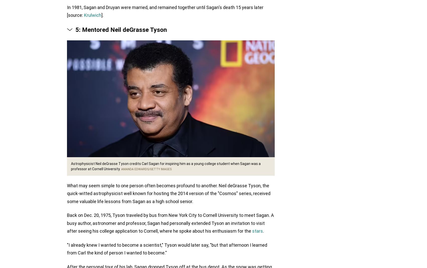 Image resolution: width=427 pixels, height=268 pixels. I want to click on '5: Mentored Neil deGrasse Tyson', so click(121, 30).